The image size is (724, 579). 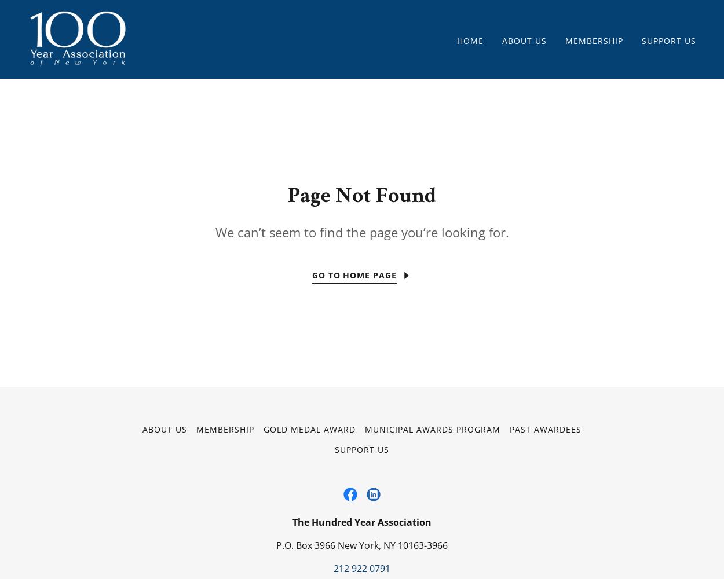 I want to click on 'Home', so click(x=470, y=39).